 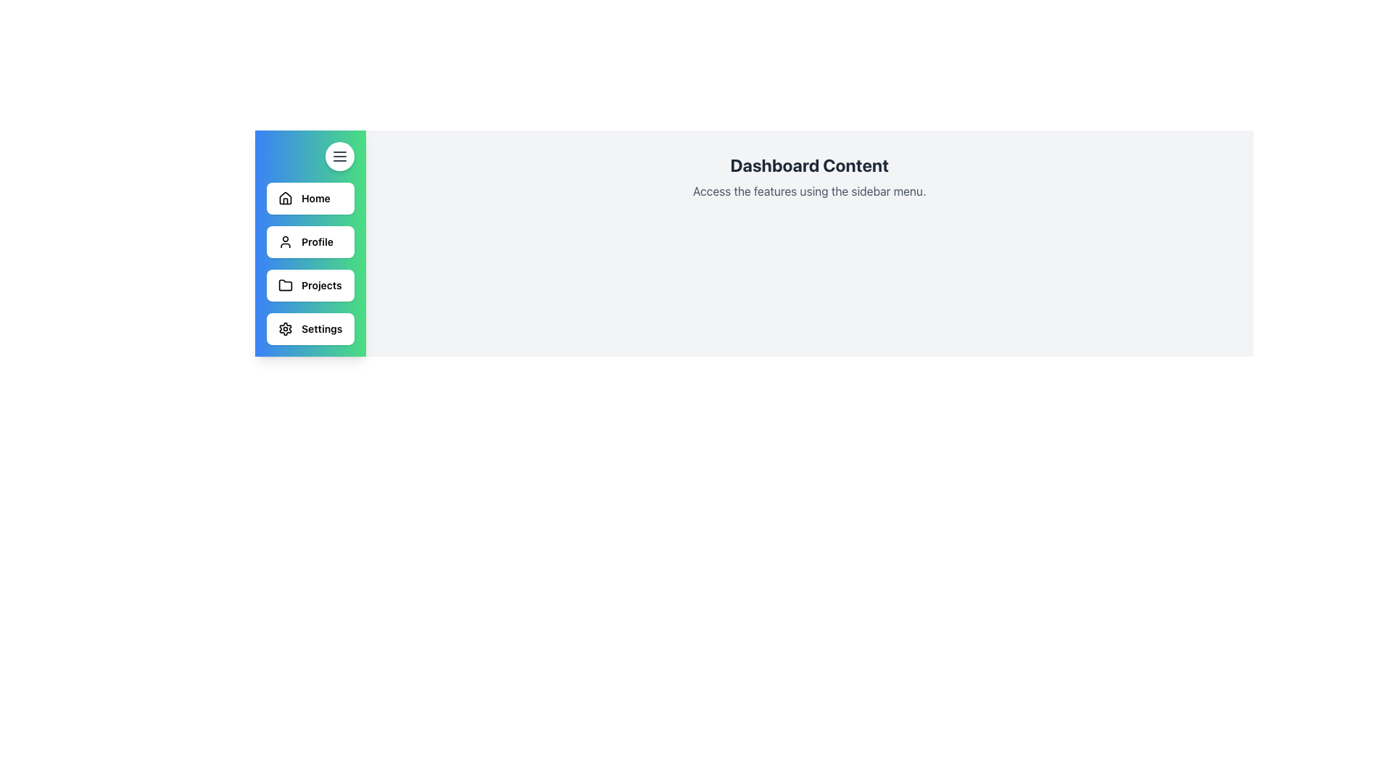 What do you see at coordinates (310, 198) in the screenshot?
I see `the first navigation button on the left sidebar` at bounding box center [310, 198].